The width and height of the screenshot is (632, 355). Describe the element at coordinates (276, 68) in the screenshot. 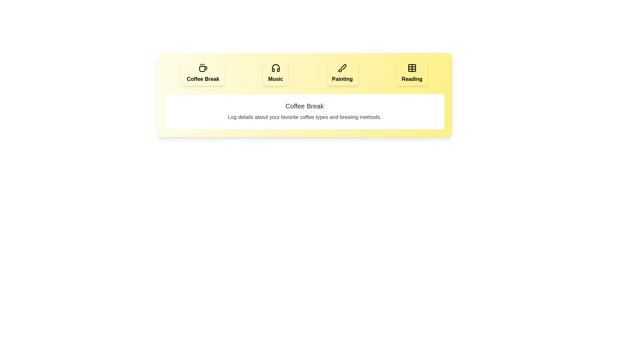

I see `the central curved connection of the headphone icon representing the 'Music' activity, which is the second icon from the left in a horizontal row against a yellow background` at that location.